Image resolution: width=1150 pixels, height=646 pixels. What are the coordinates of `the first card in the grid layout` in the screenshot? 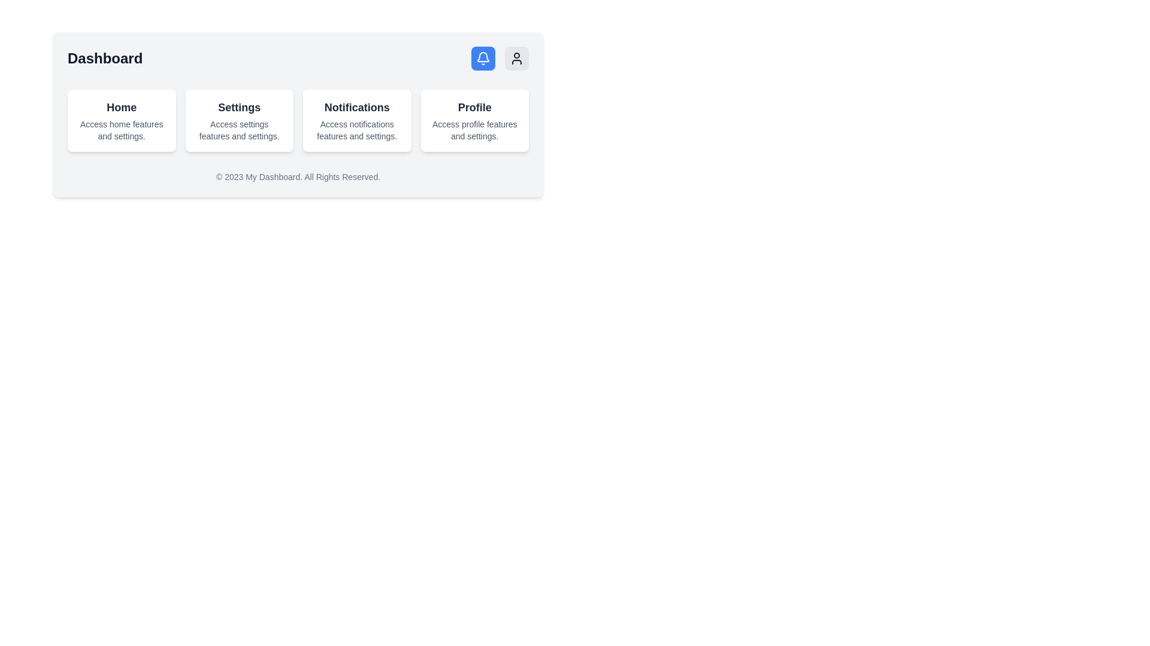 It's located at (122, 120).